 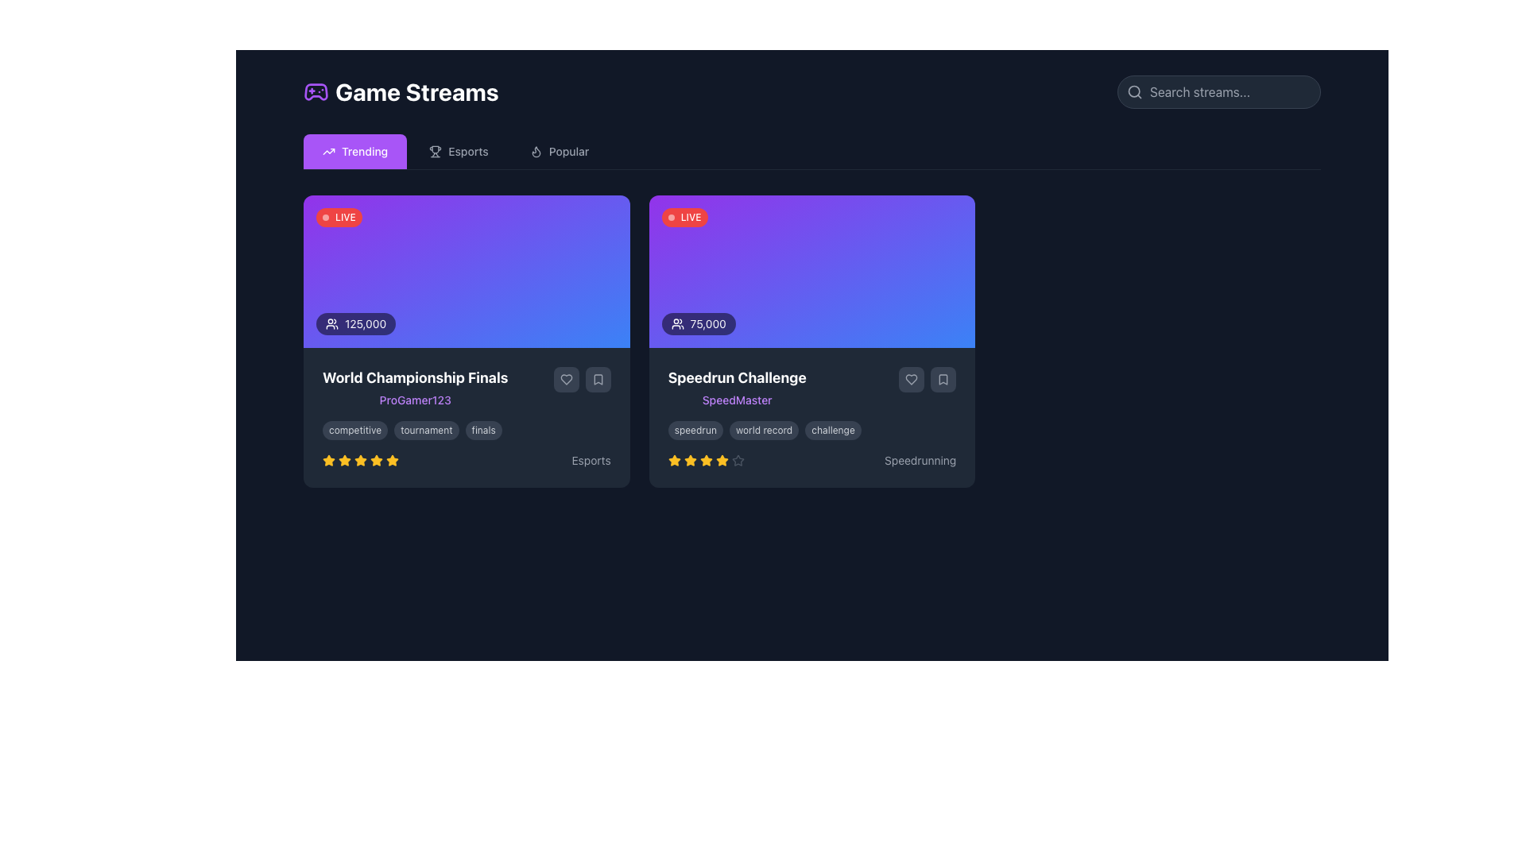 What do you see at coordinates (316, 91) in the screenshot?
I see `the gamepad icon, which is a stylized representation of a gamepad located in the top-left corner of the interface next to the 'Game Streams' heading` at bounding box center [316, 91].